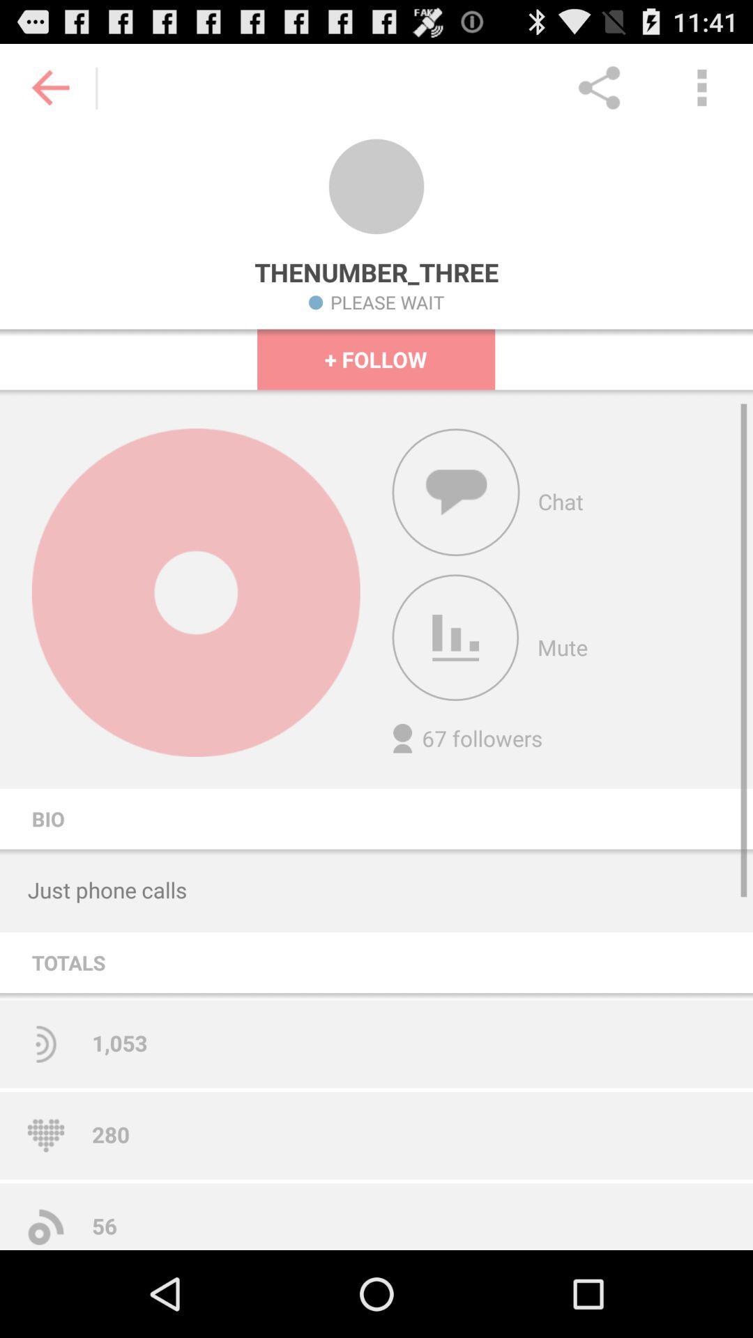 This screenshot has height=1338, width=753. What do you see at coordinates (456, 492) in the screenshot?
I see `the image which is on left side of chat` at bounding box center [456, 492].